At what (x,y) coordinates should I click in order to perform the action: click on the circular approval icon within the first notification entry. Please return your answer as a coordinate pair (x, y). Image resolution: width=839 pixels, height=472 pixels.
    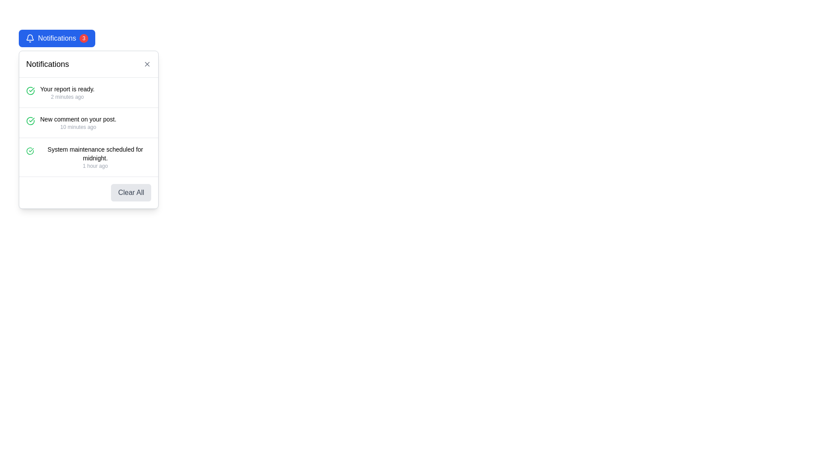
    Looking at the image, I should click on (31, 91).